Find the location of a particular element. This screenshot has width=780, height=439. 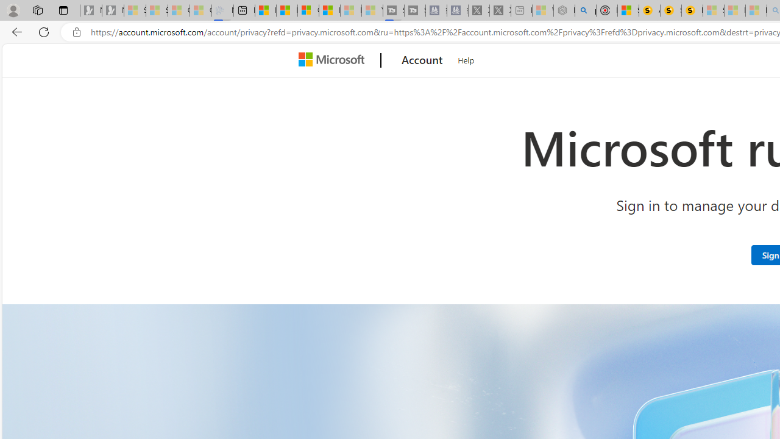

'poe - Search' is located at coordinates (585, 10).